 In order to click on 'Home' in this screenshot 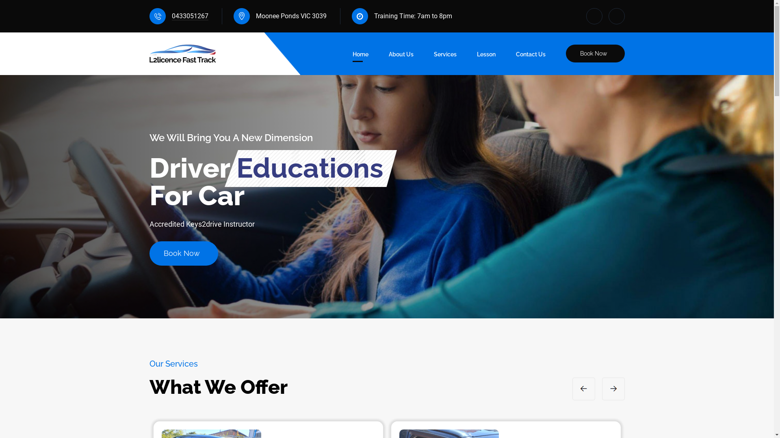, I will do `click(360, 56)`.